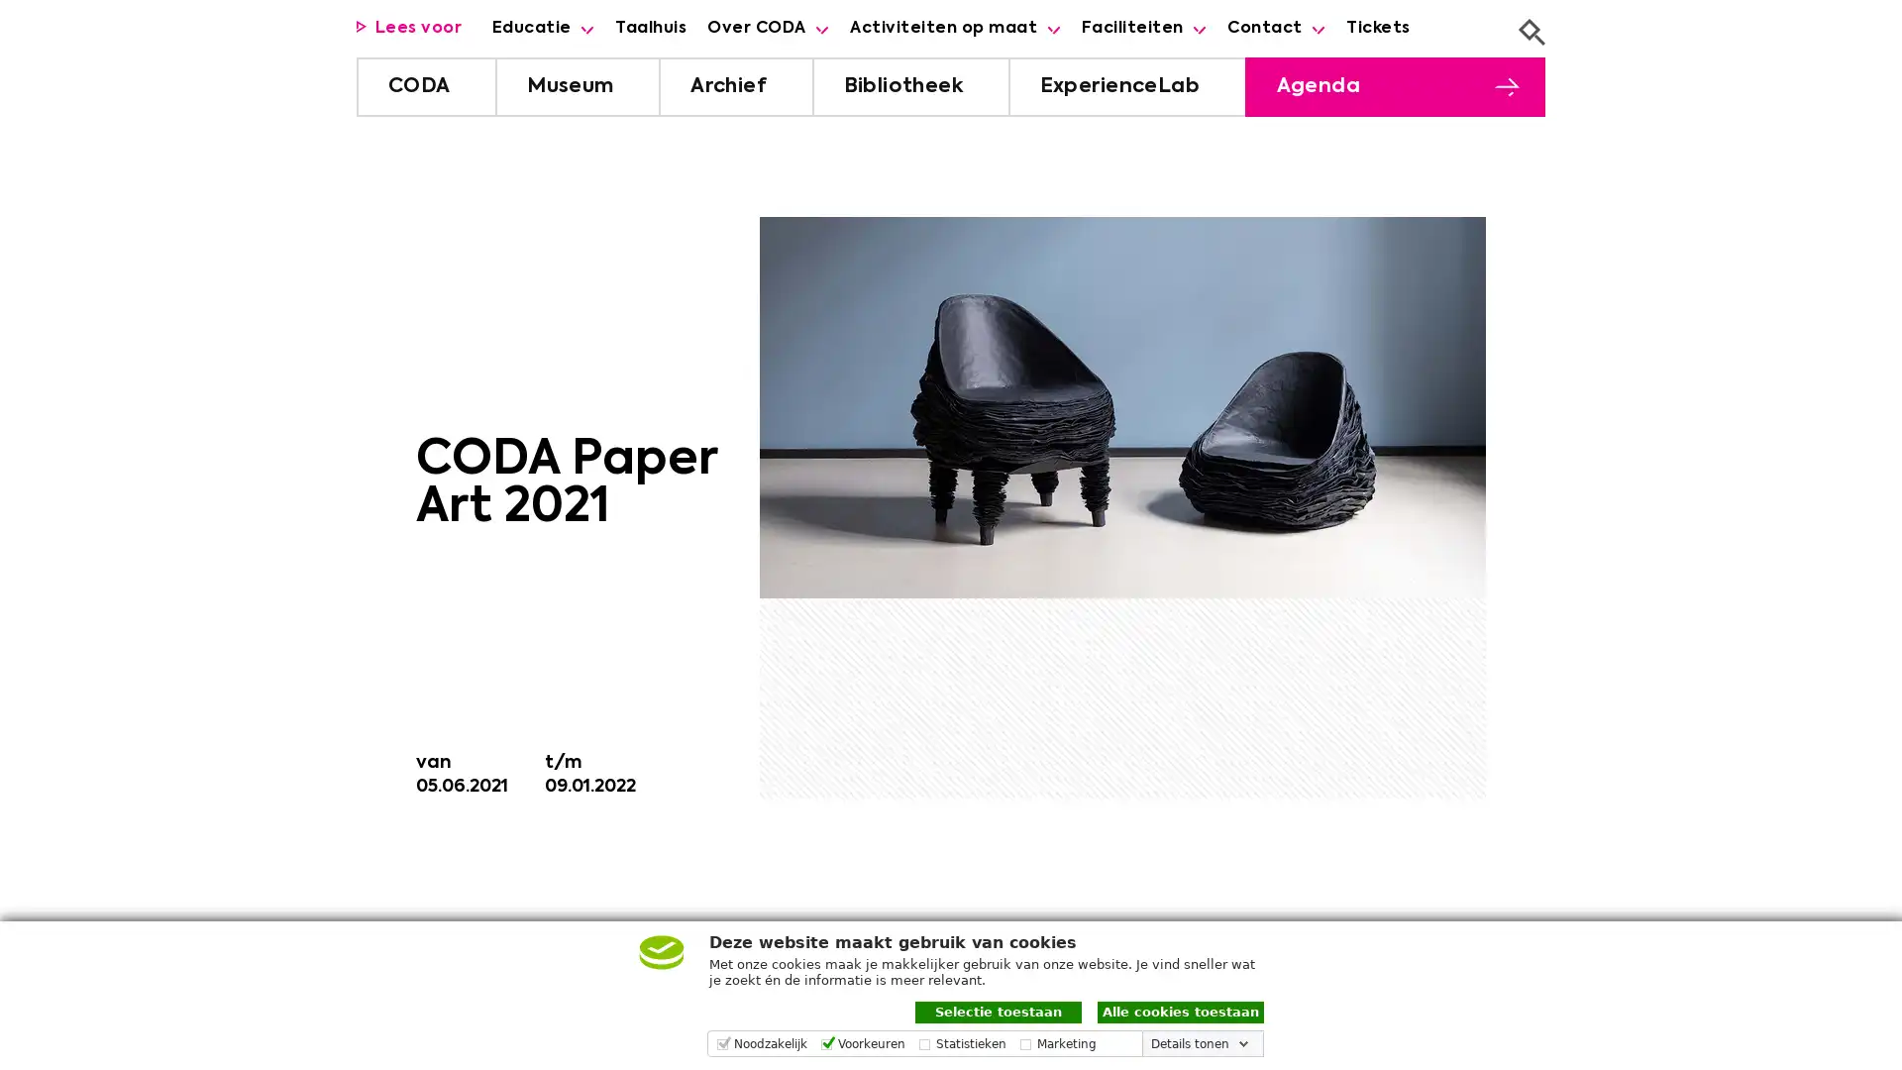 Image resolution: width=1902 pixels, height=1070 pixels. I want to click on Luister met de ReachDeck-werkbalk, so click(404, 30).